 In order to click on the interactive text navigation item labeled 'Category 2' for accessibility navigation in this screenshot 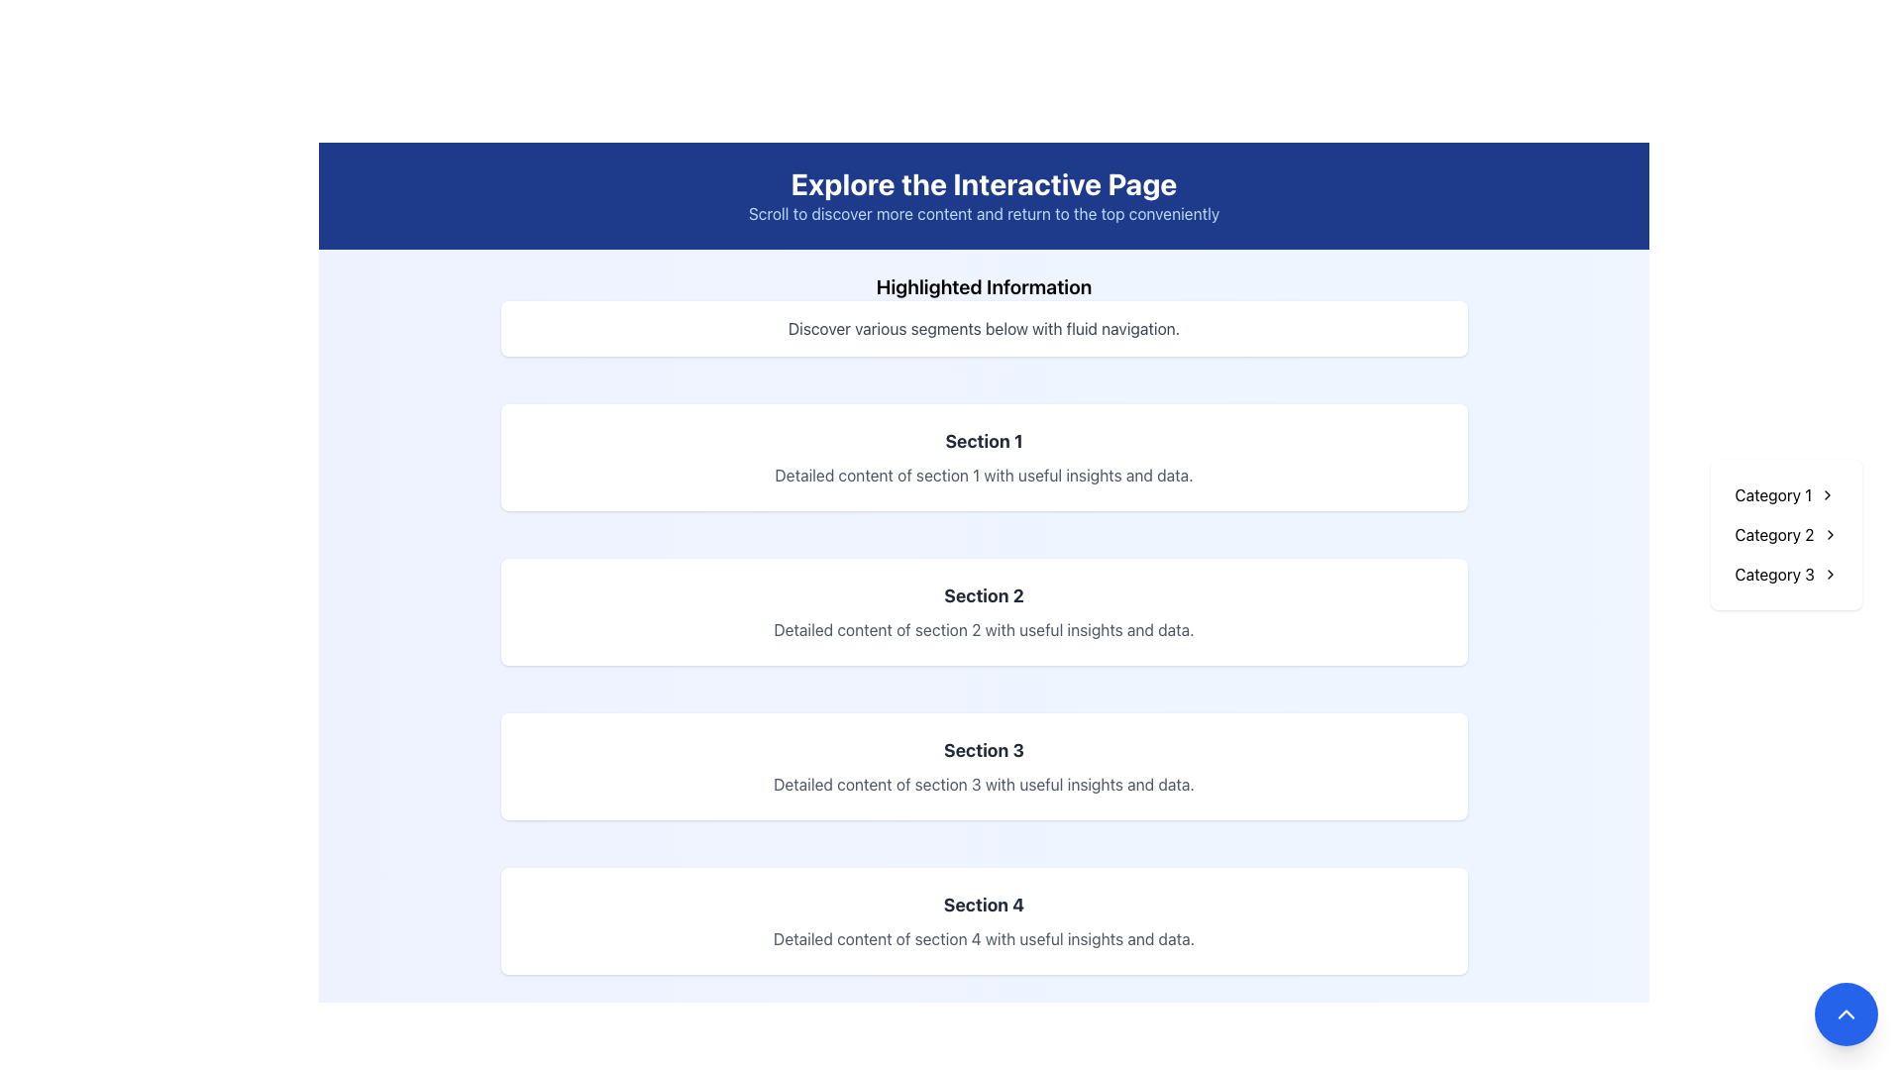, I will do `click(1786, 535)`.